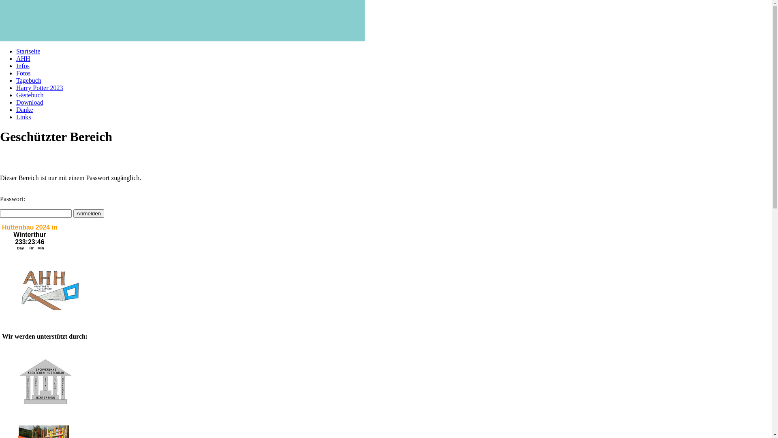  I want to click on 'Danke', so click(25, 109).